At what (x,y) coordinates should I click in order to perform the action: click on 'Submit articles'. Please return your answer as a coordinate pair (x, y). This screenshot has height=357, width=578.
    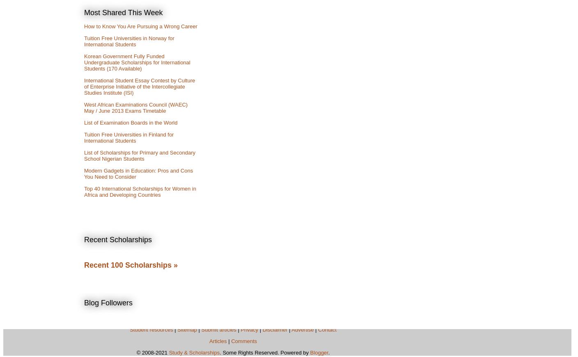
    Looking at the image, I should click on (218, 330).